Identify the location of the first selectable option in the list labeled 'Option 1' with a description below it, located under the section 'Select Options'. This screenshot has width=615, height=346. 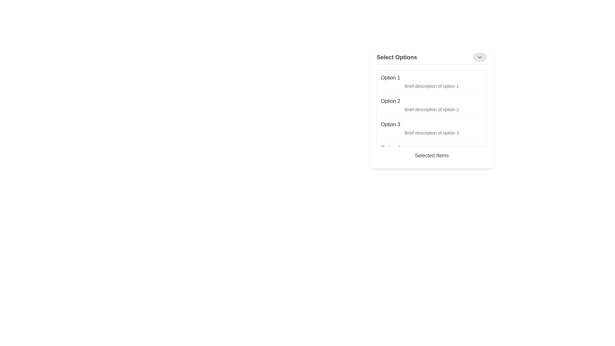
(432, 81).